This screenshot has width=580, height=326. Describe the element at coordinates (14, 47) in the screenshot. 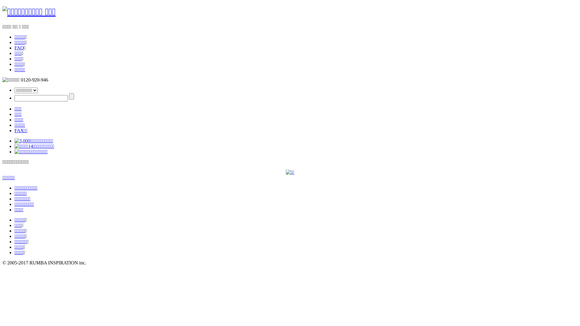

I see `'FAQ'` at that location.